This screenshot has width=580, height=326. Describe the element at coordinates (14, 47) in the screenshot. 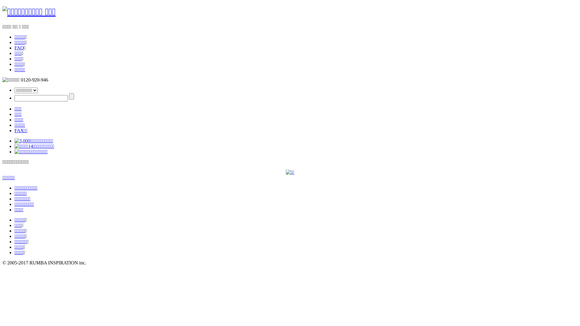

I see `'FAQ'` at that location.